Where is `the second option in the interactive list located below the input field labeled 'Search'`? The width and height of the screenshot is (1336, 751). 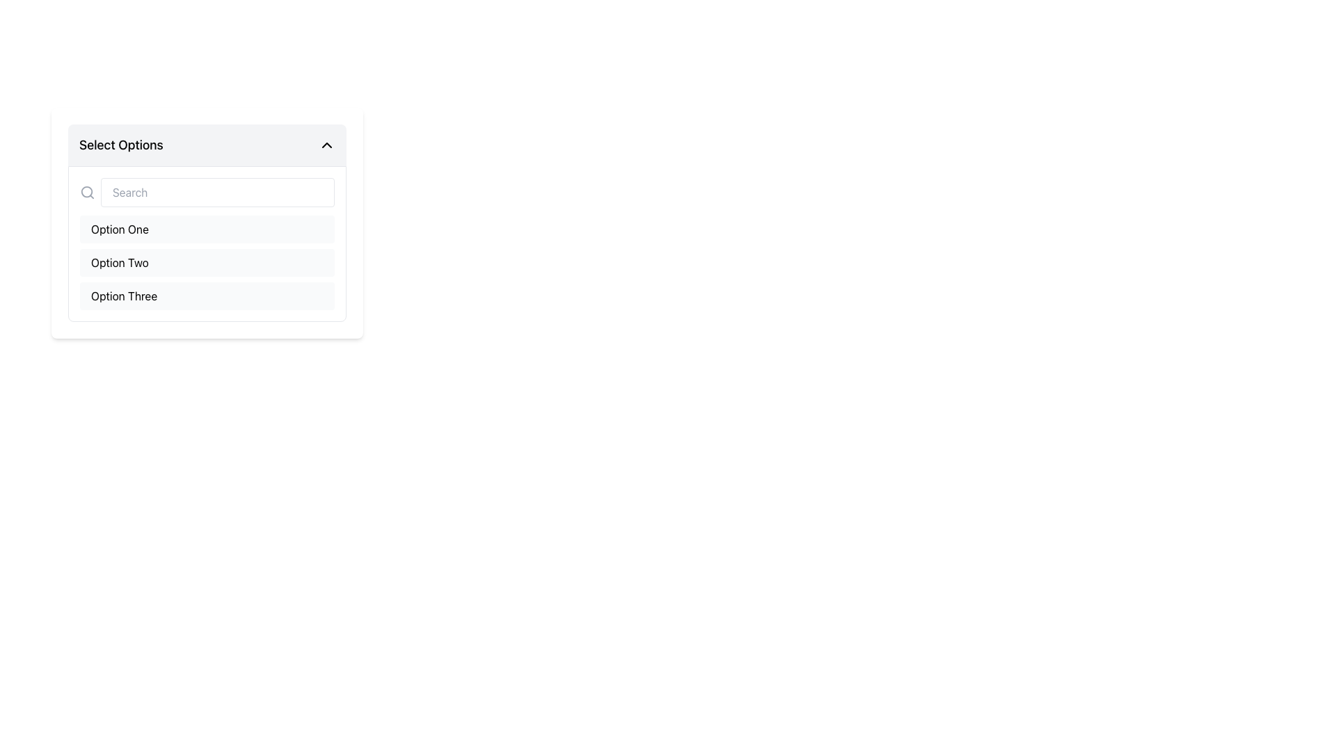
the second option in the interactive list located below the input field labeled 'Search' is located at coordinates (206, 263).